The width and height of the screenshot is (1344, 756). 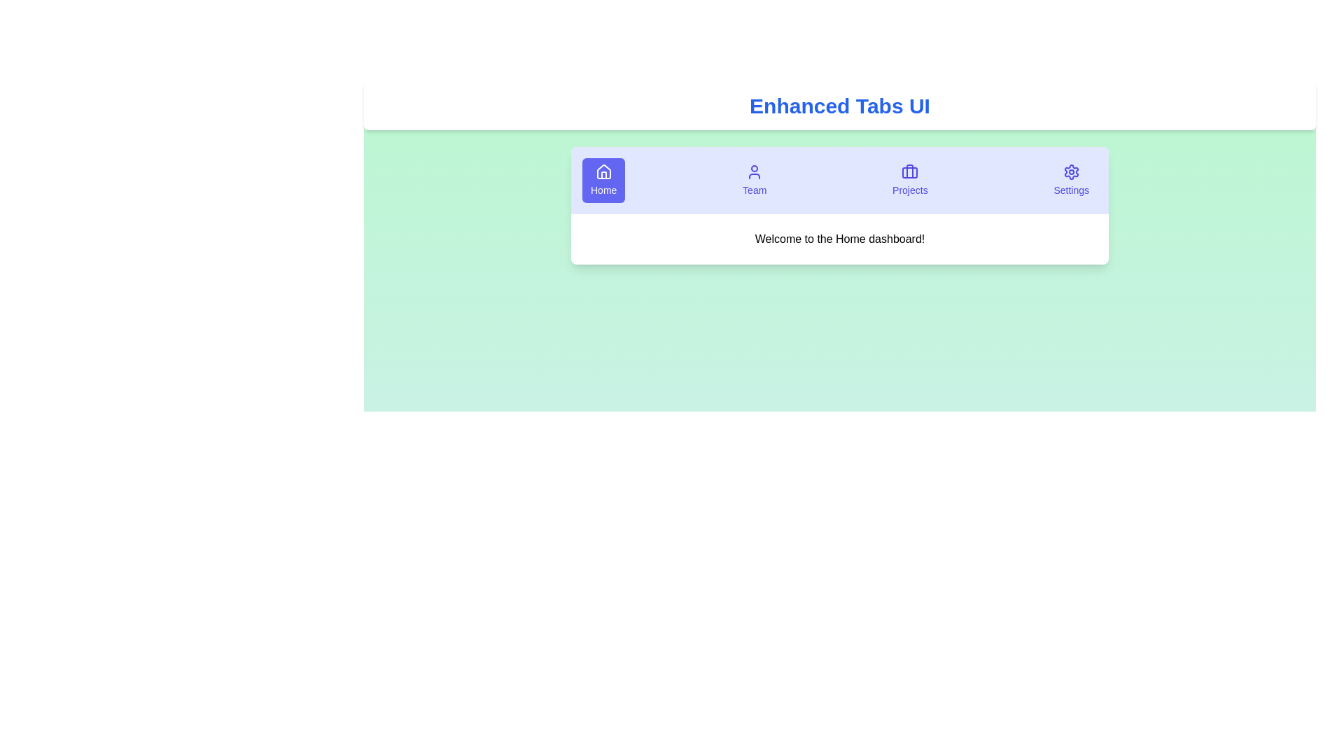 I want to click on the house icon in outline style located in the first tab of the navigation bar labeled 'Home', which has a blue background, so click(x=603, y=171).